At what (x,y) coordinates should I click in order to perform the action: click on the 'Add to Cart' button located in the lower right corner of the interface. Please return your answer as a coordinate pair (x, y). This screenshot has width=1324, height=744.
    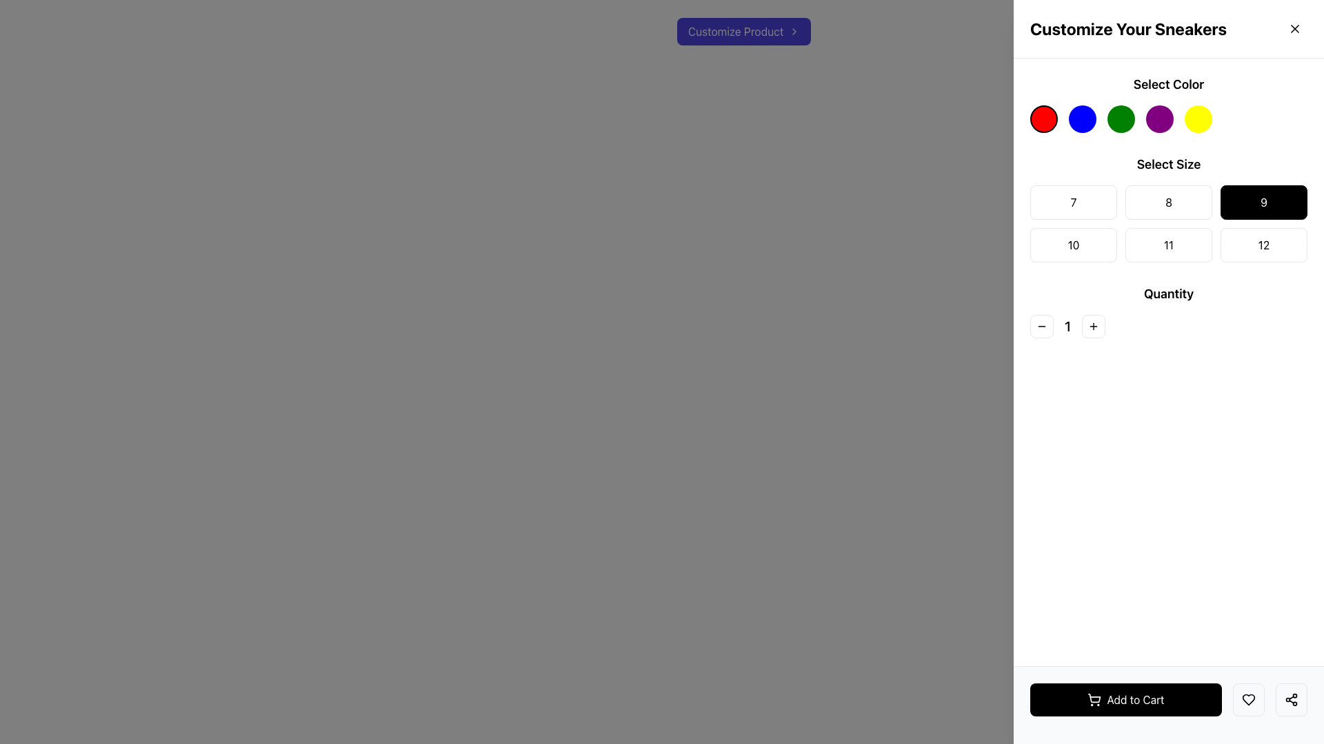
    Looking at the image, I should click on (1125, 699).